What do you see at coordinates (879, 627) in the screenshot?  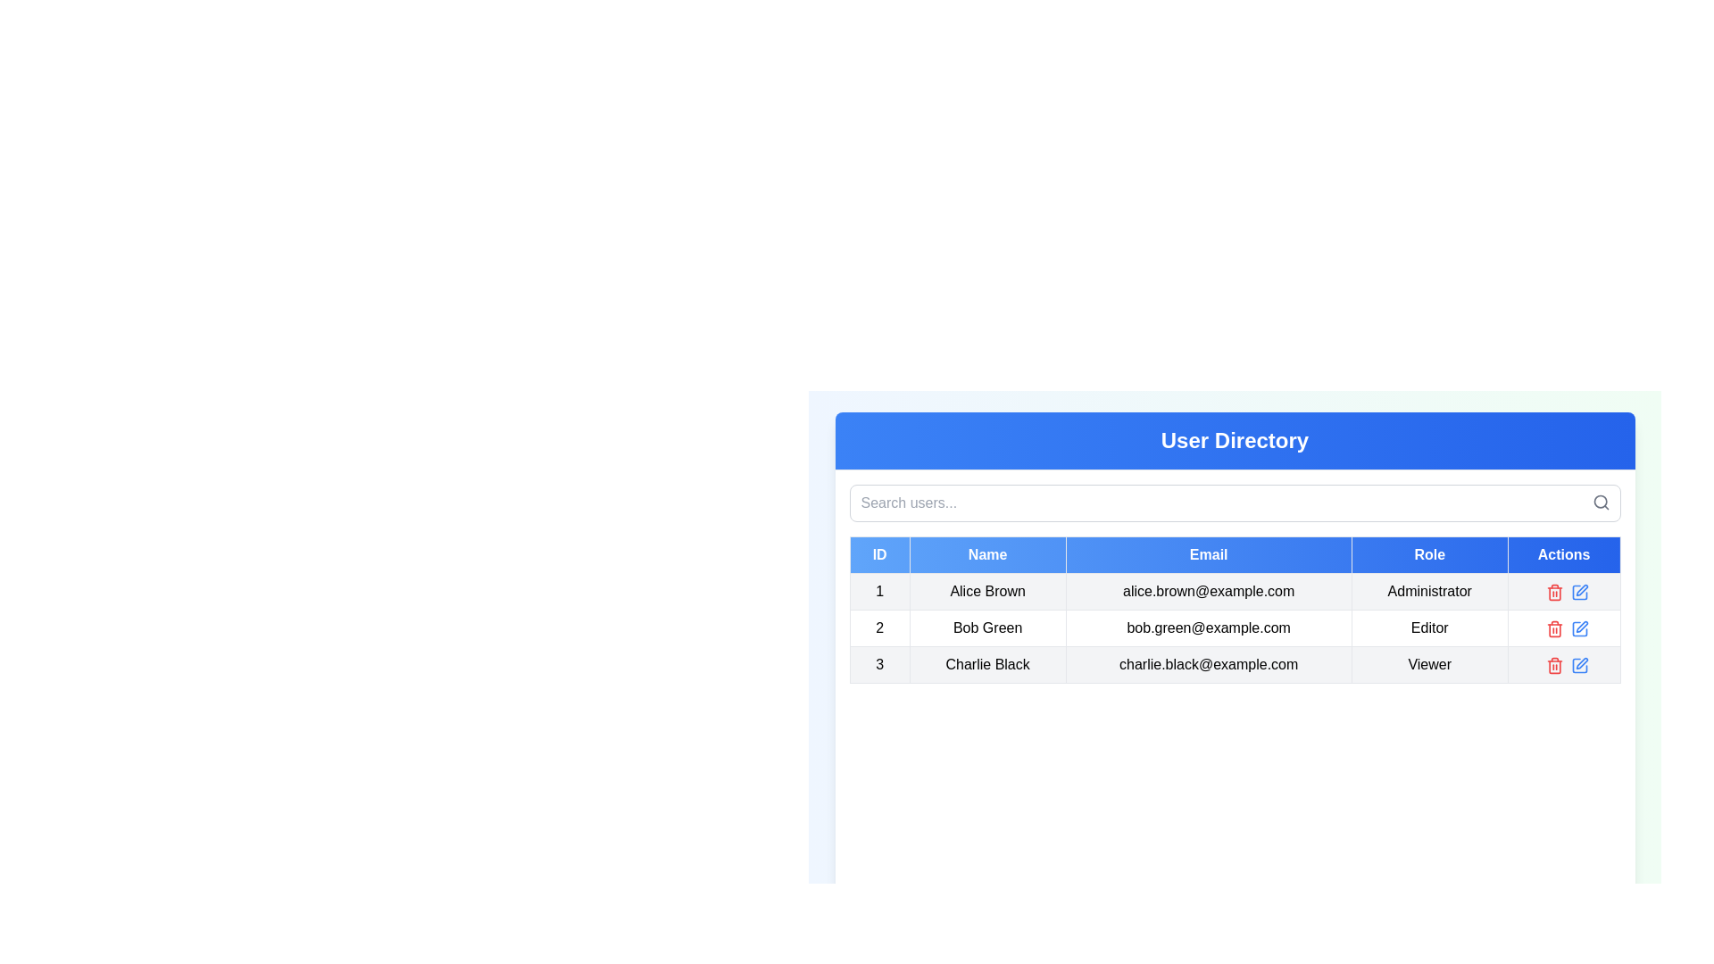 I see `text content of the identifier in the first column of the second row of the table, which helps distinguish this row from others` at bounding box center [879, 627].